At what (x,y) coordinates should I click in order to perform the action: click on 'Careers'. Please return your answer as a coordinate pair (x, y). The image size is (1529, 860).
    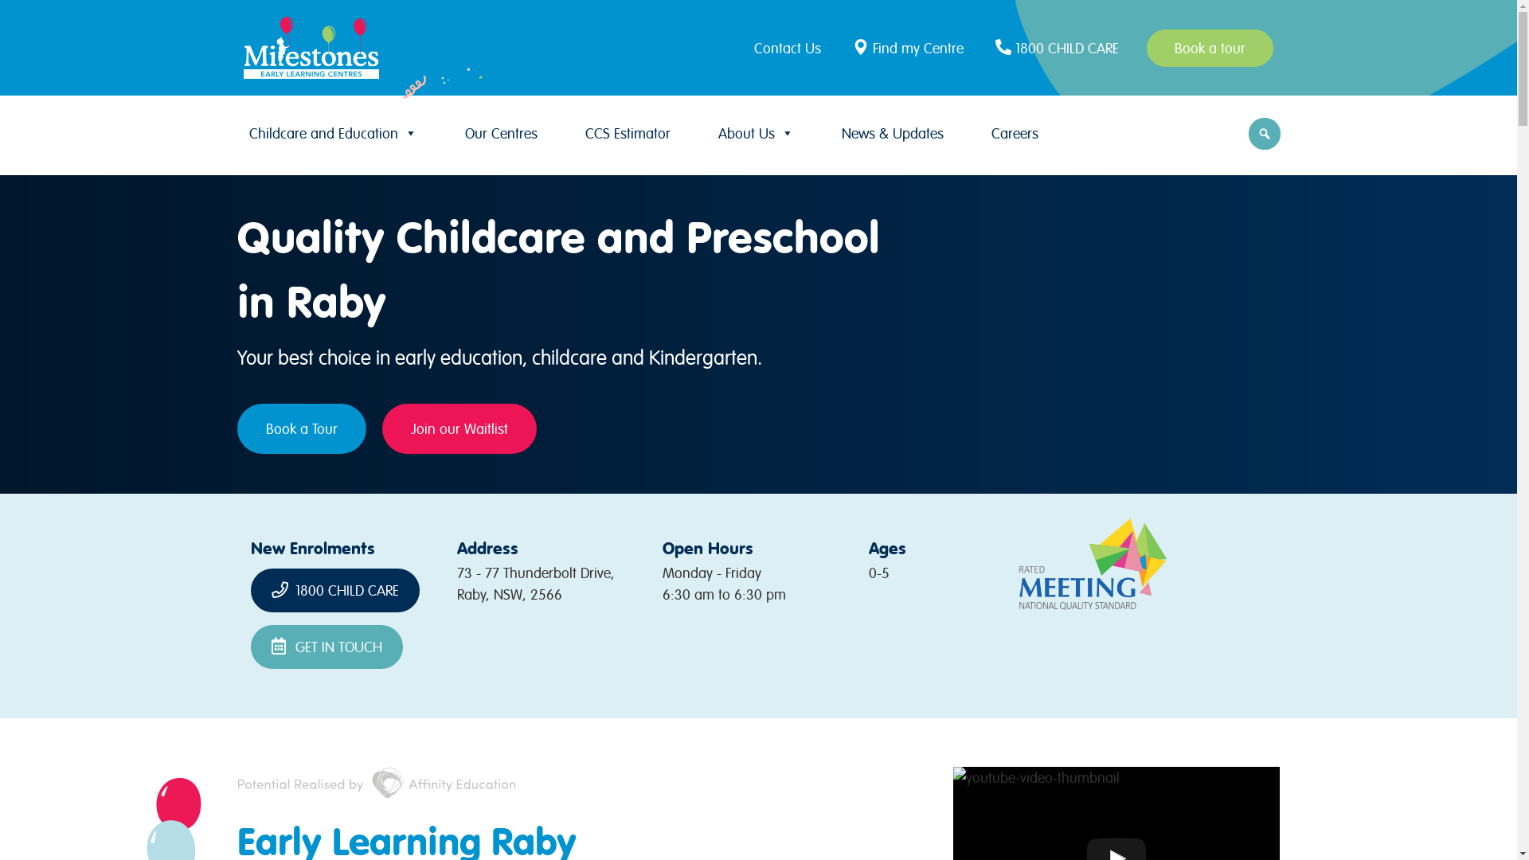
    Looking at the image, I should click on (1013, 132).